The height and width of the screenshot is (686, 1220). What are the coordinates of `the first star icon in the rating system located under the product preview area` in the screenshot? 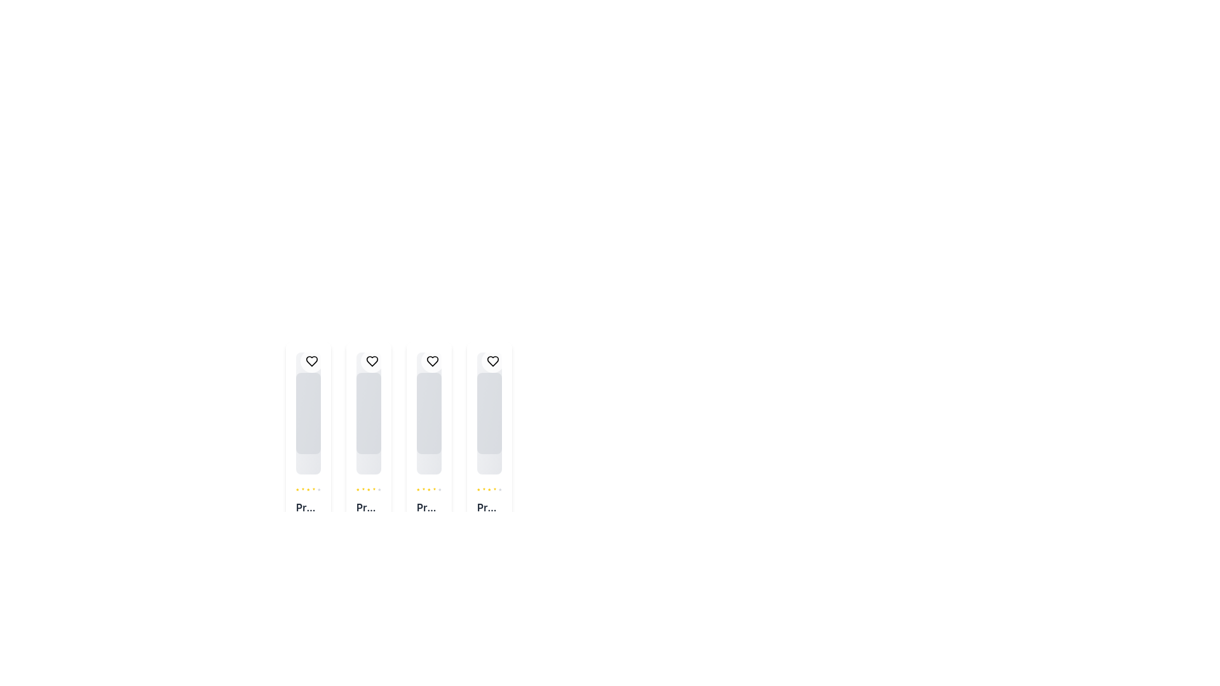 It's located at (357, 489).